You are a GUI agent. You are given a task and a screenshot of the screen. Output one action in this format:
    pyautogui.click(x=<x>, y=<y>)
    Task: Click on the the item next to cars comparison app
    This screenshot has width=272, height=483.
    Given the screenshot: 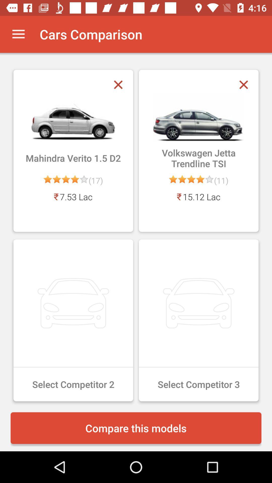 What is the action you would take?
    pyautogui.click(x=18, y=34)
    